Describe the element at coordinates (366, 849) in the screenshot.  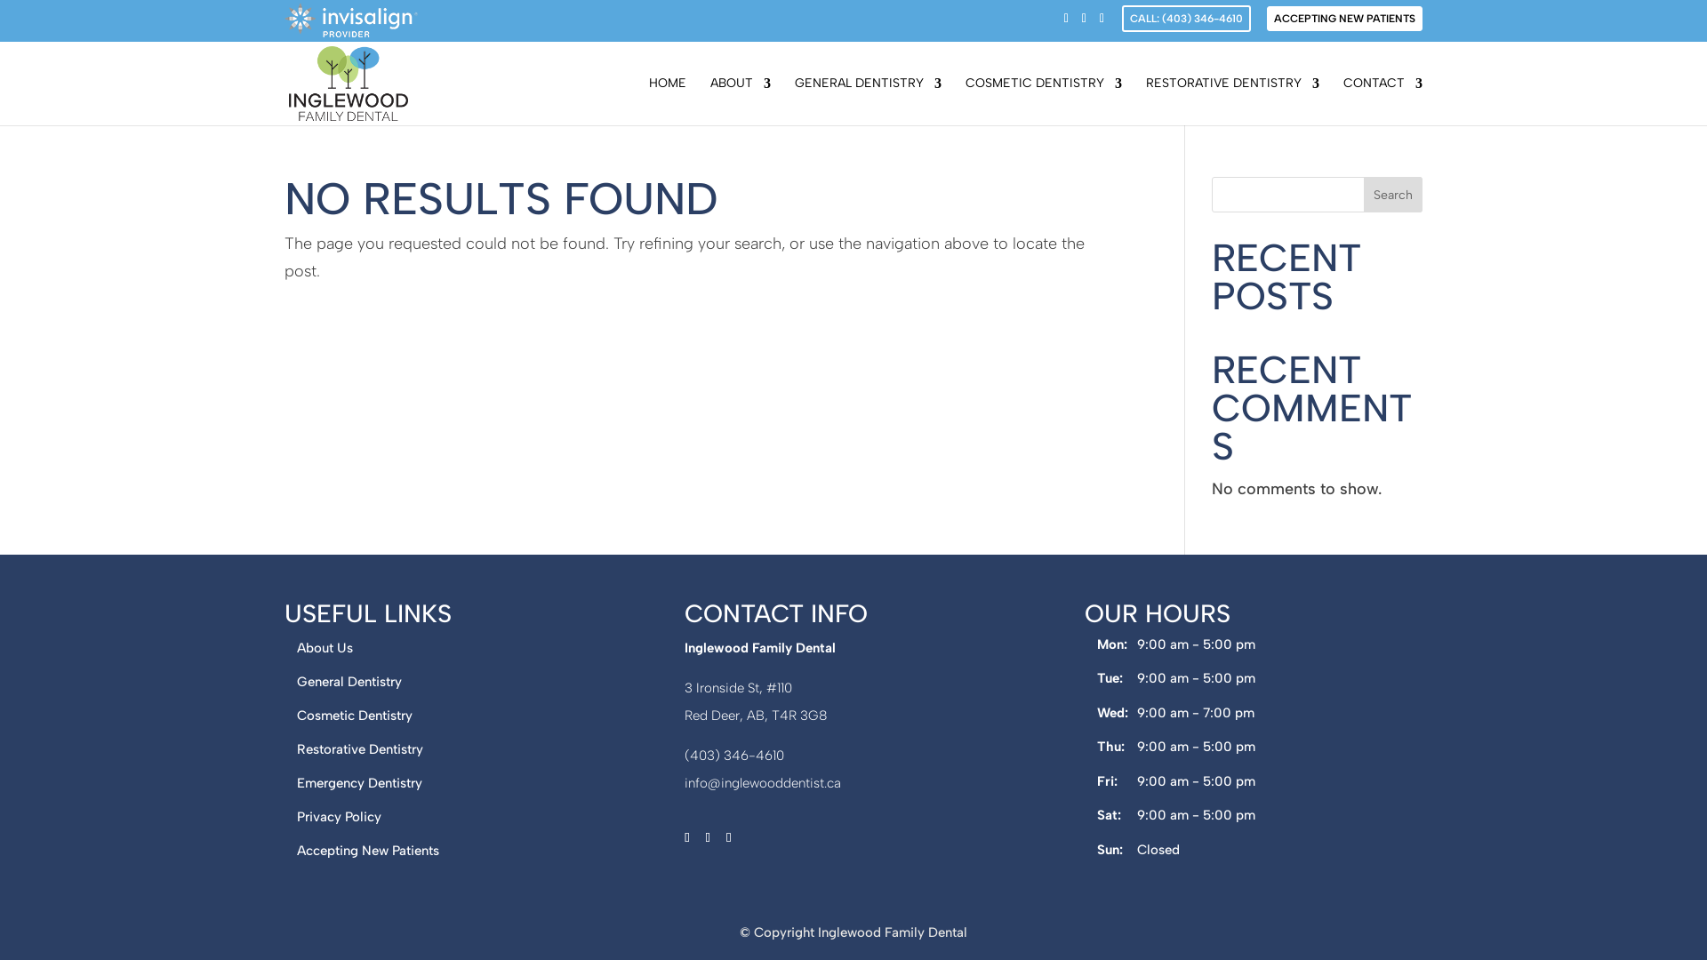
I see `'Accepting New Patients'` at that location.